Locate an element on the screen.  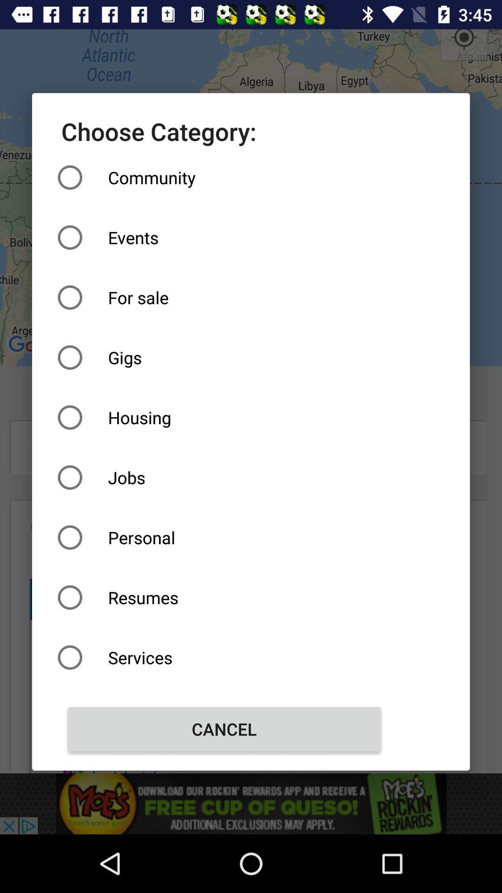
item above services is located at coordinates (224, 597).